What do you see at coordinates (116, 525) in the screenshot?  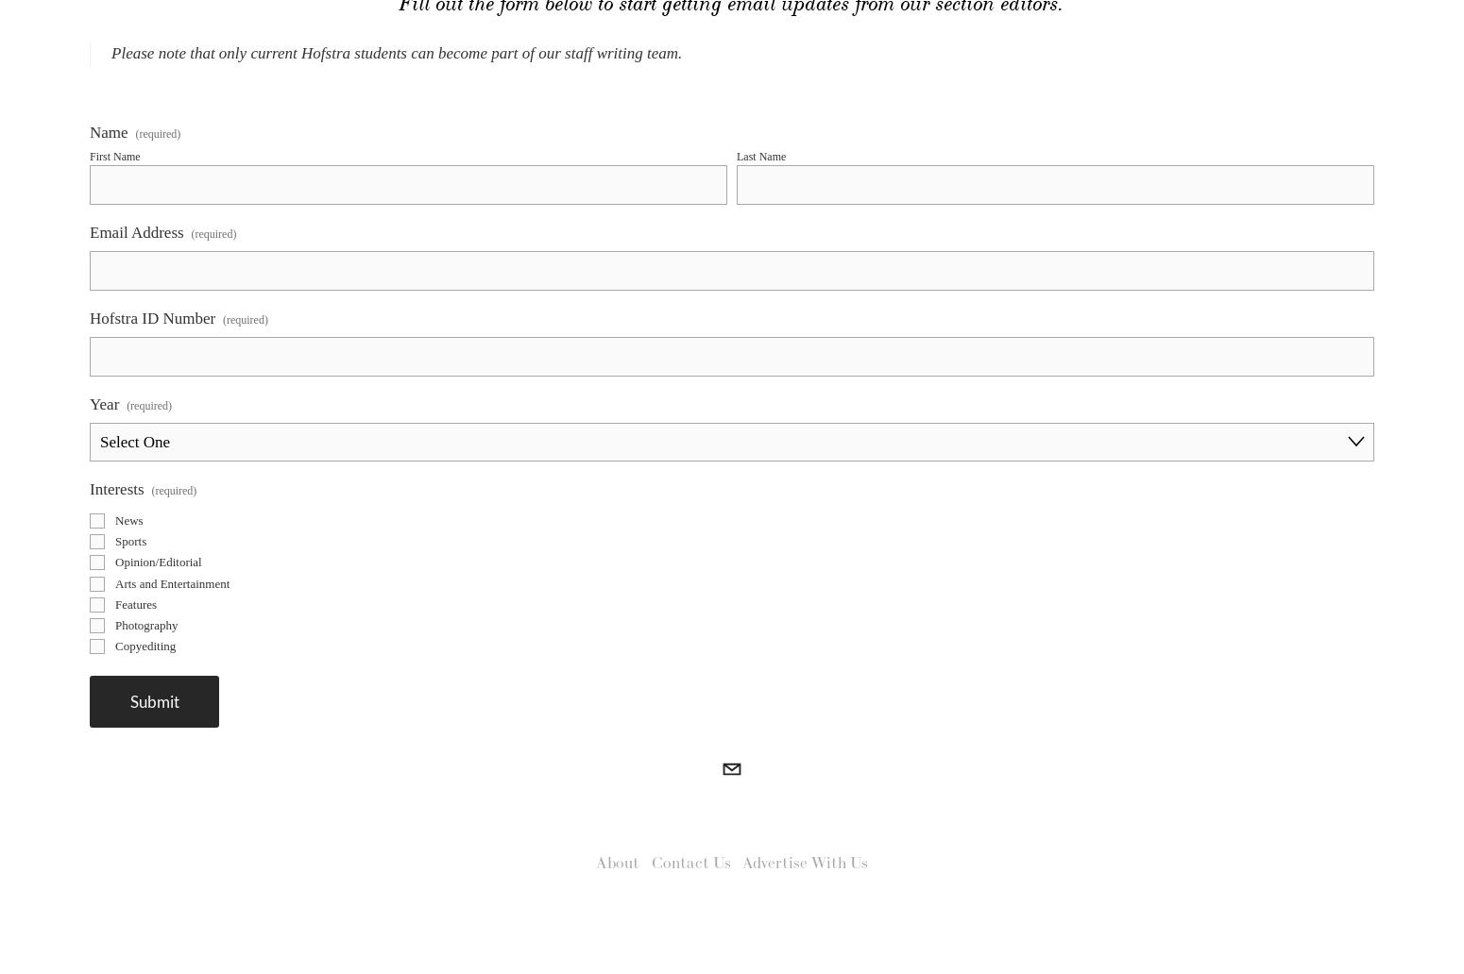 I see `'Interests'` at bounding box center [116, 525].